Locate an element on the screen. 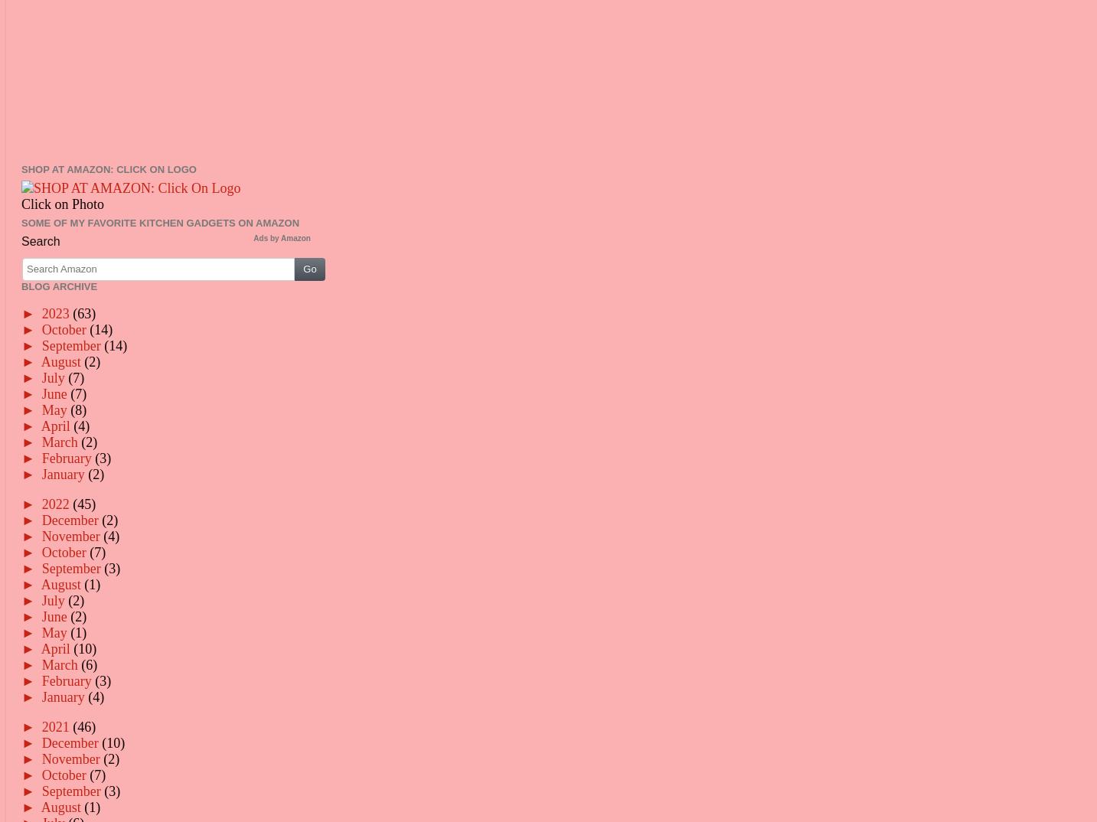  '(45)' is located at coordinates (72, 503).